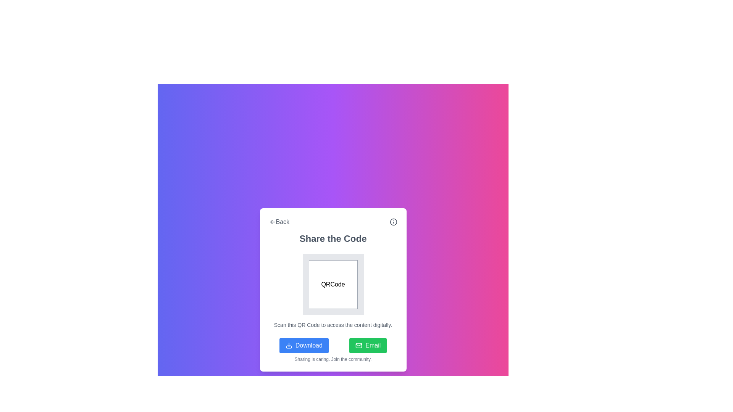 The image size is (733, 412). I want to click on the download button located in the bottom row of the modal dialog, to the left of the 'Email' button, so click(304, 346).